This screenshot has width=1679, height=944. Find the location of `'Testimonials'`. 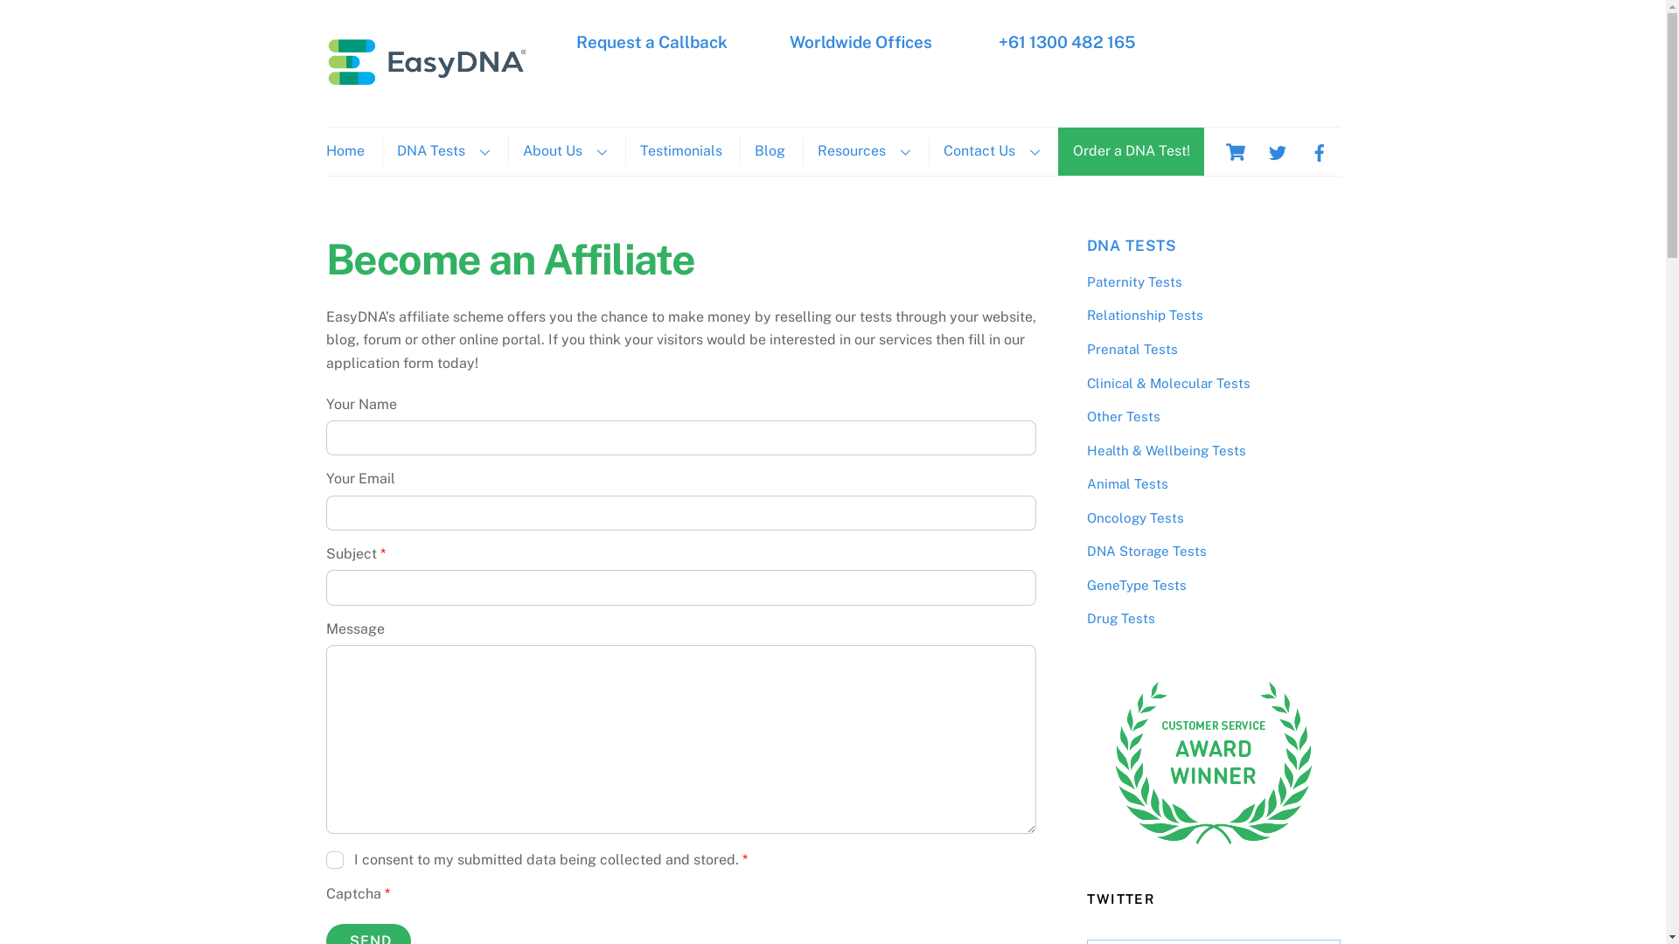

'Testimonials' is located at coordinates (679, 150).